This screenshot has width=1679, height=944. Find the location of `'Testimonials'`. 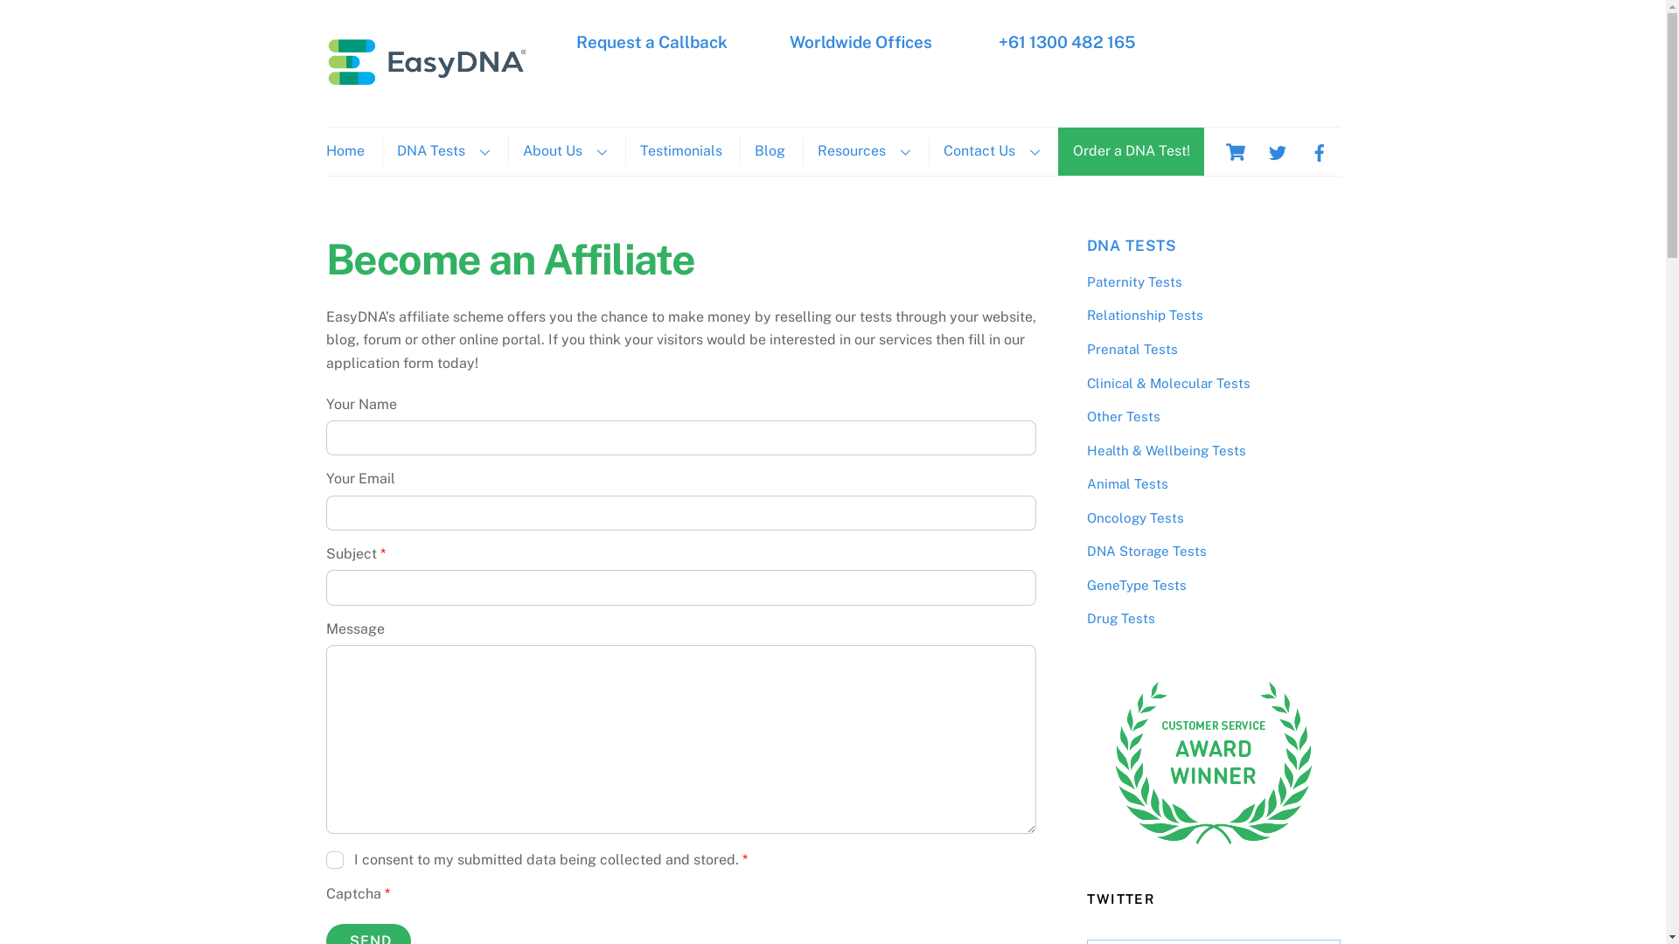

'Testimonials' is located at coordinates (679, 150).